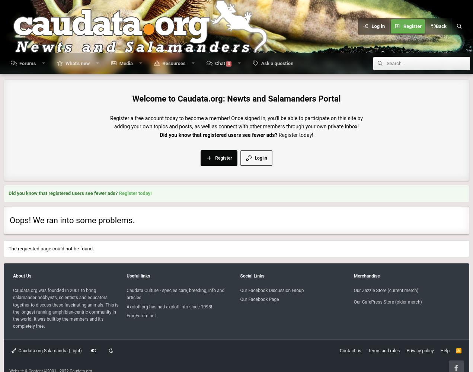  What do you see at coordinates (440, 350) in the screenshot?
I see `'Help'` at bounding box center [440, 350].